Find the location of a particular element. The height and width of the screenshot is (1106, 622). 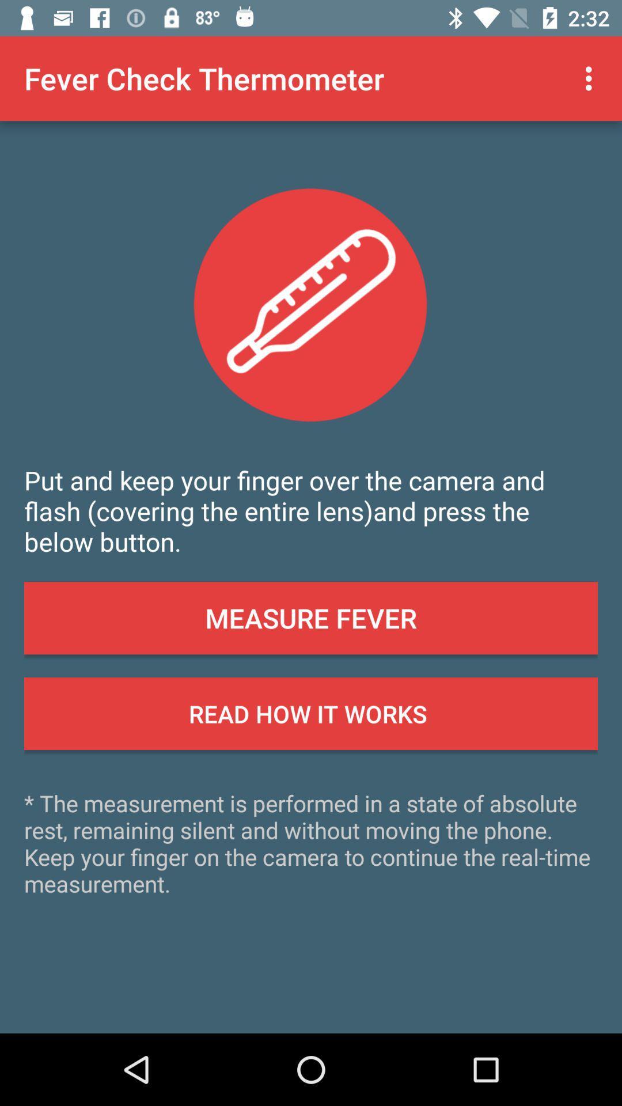

the icon below the put and keep item is located at coordinates (311, 618).